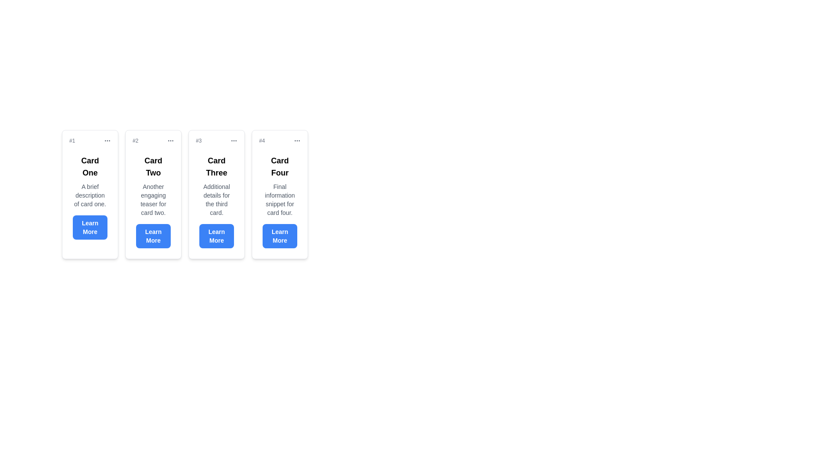 The width and height of the screenshot is (832, 468). Describe the element at coordinates (280, 236) in the screenshot. I see `the 'Learn More' button, which is a rectangular button with rounded corners and a solid blue background located at the bottom of 'Card Four'` at that location.